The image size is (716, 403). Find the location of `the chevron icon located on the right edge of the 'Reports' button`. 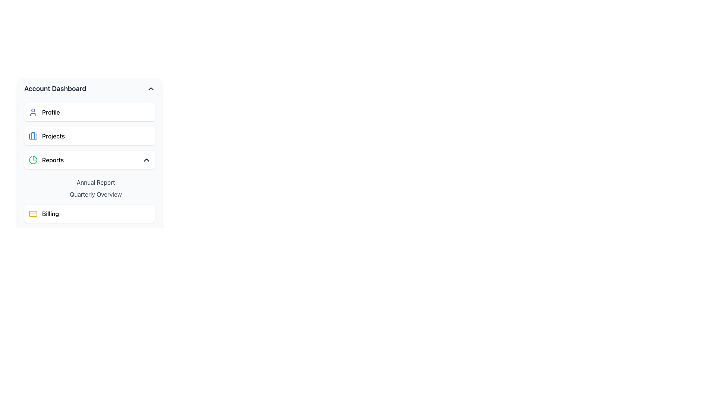

the chevron icon located on the right edge of the 'Reports' button is located at coordinates (147, 159).